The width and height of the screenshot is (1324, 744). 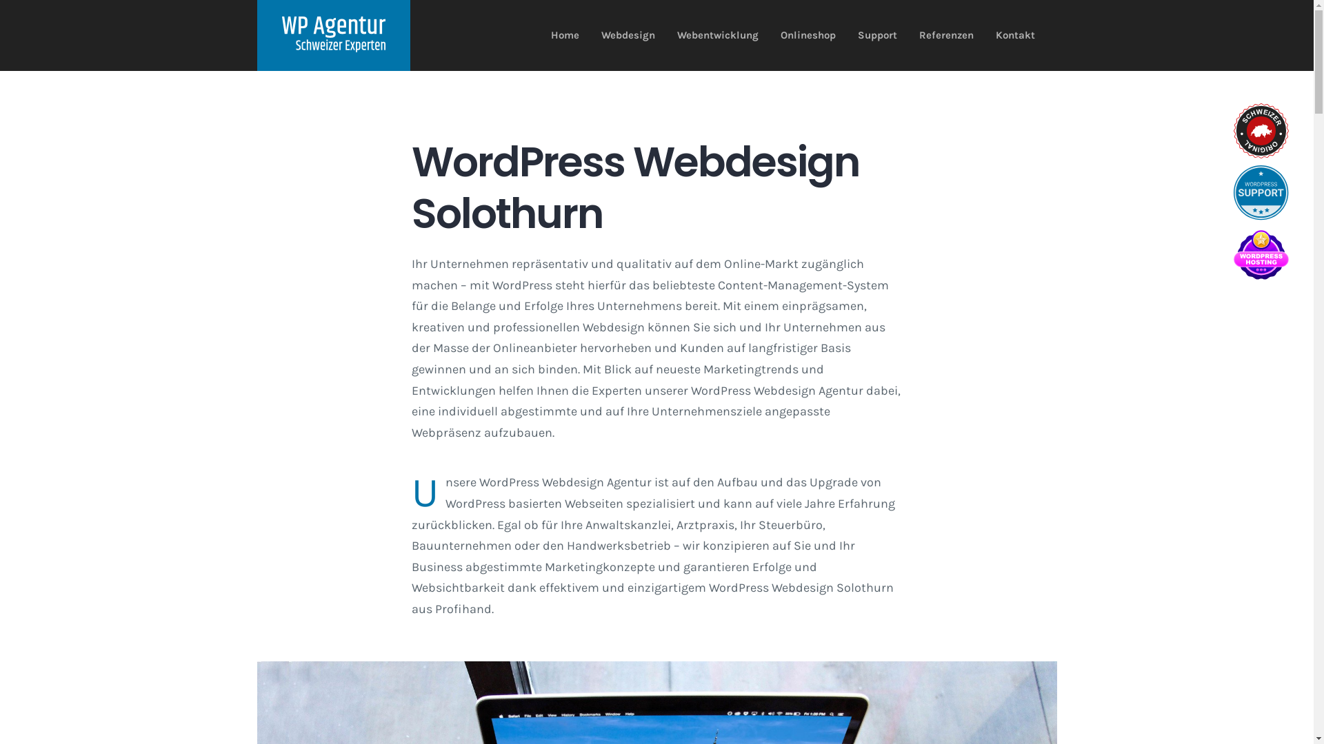 What do you see at coordinates (945, 34) in the screenshot?
I see `'Referenzen'` at bounding box center [945, 34].